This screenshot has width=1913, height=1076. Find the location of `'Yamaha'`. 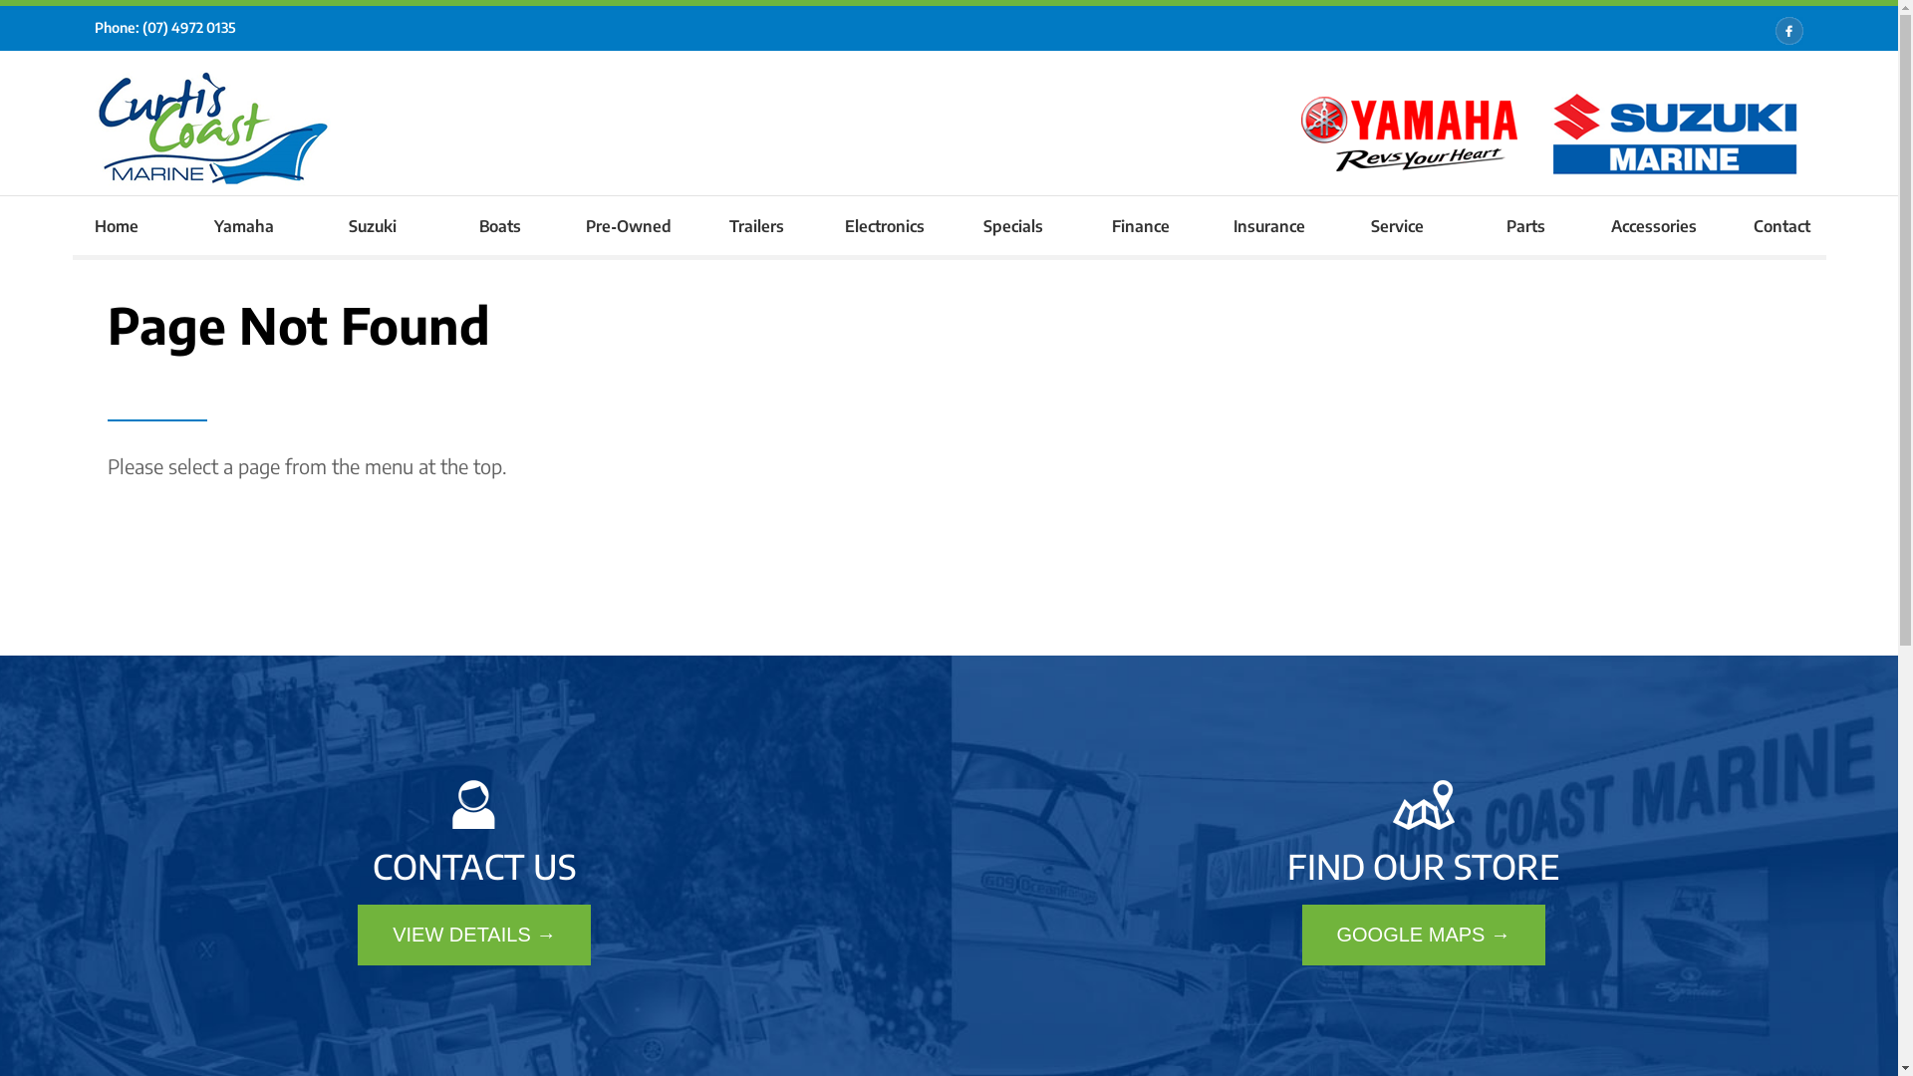

'Yamaha' is located at coordinates (243, 224).